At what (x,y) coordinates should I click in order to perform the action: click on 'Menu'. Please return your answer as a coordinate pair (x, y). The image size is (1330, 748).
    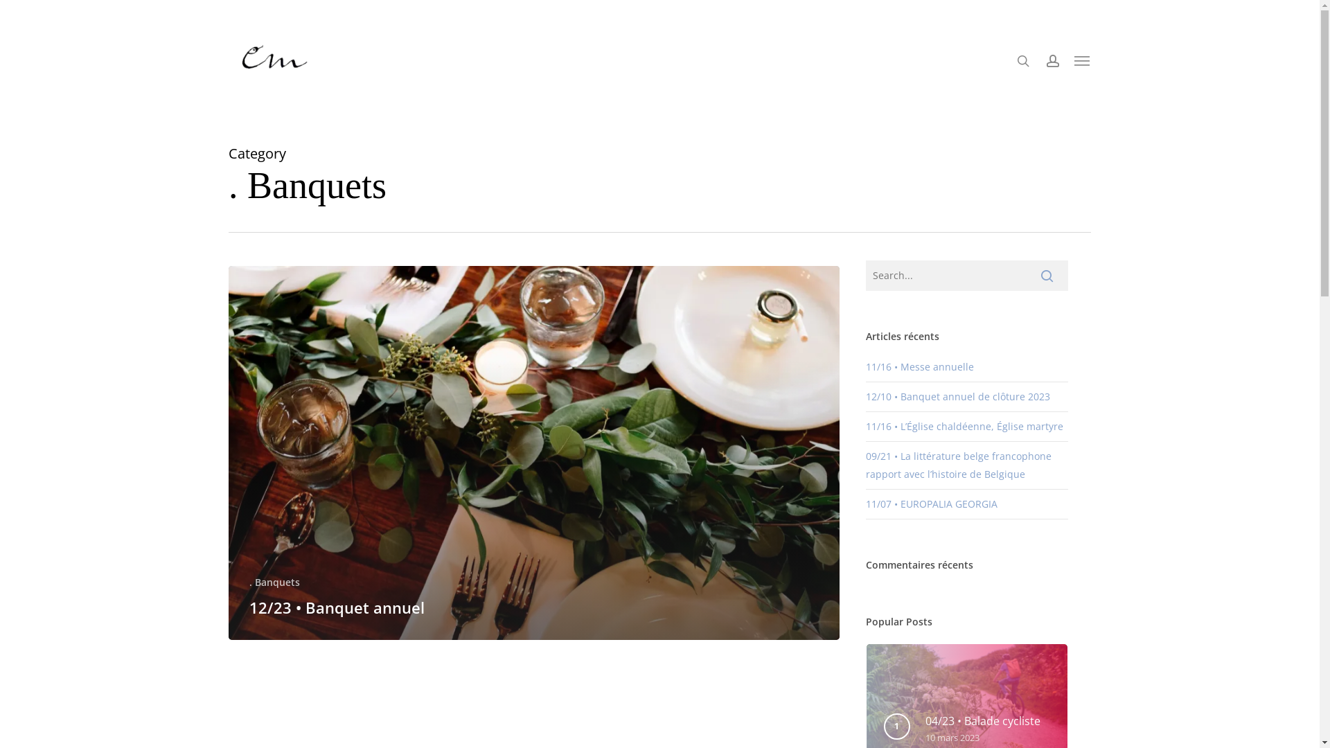
    Looking at the image, I should click on (1082, 60).